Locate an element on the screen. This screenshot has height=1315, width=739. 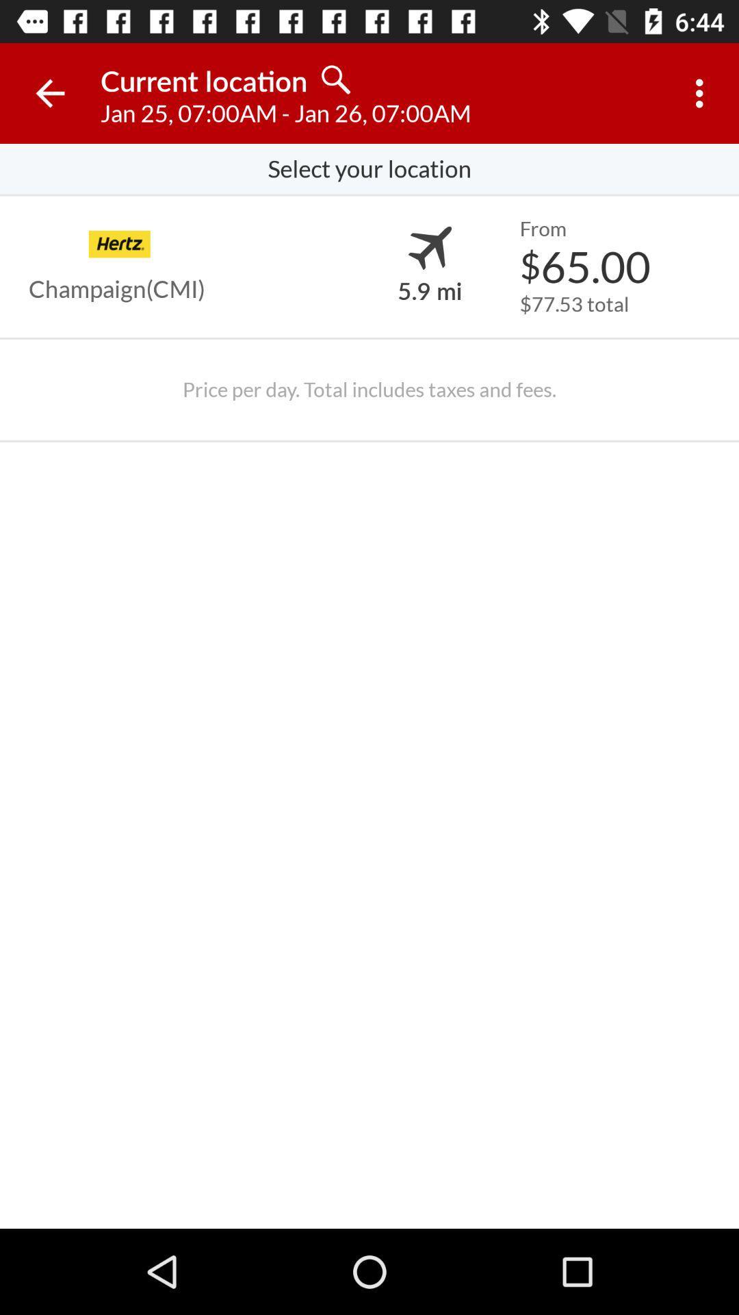
the item to the left of the current location icon is located at coordinates (49, 92).